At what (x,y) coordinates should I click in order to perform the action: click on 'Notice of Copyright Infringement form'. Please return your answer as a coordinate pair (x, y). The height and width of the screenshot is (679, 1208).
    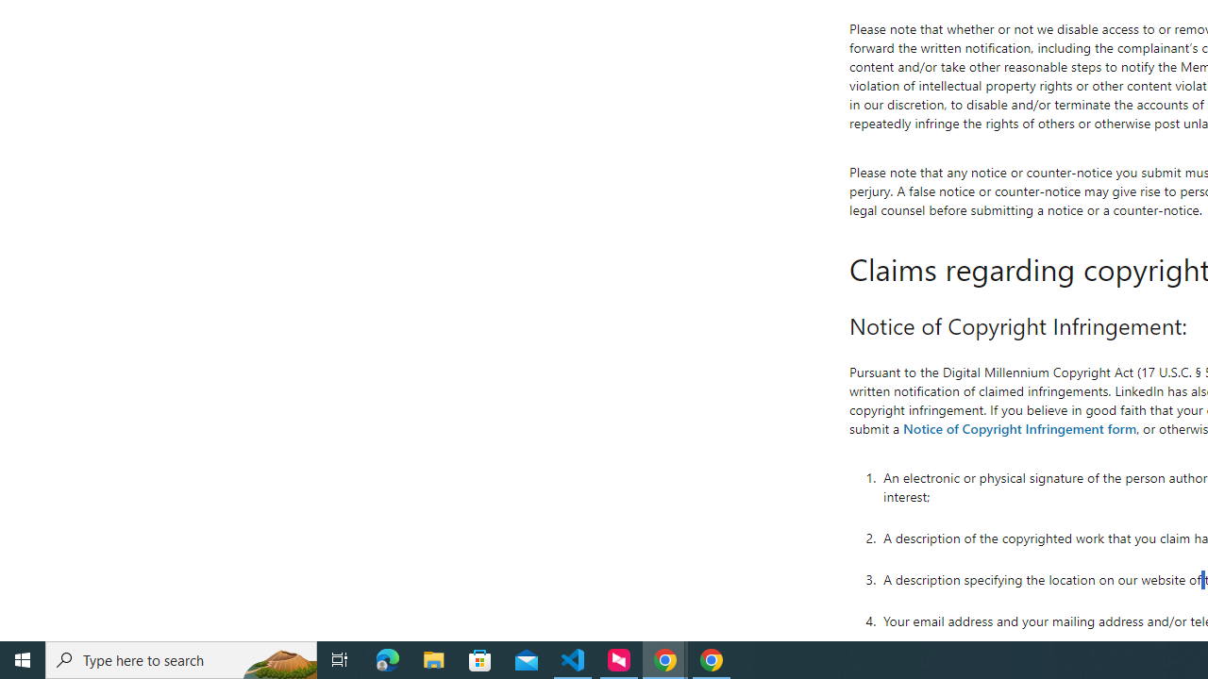
    Looking at the image, I should click on (1018, 427).